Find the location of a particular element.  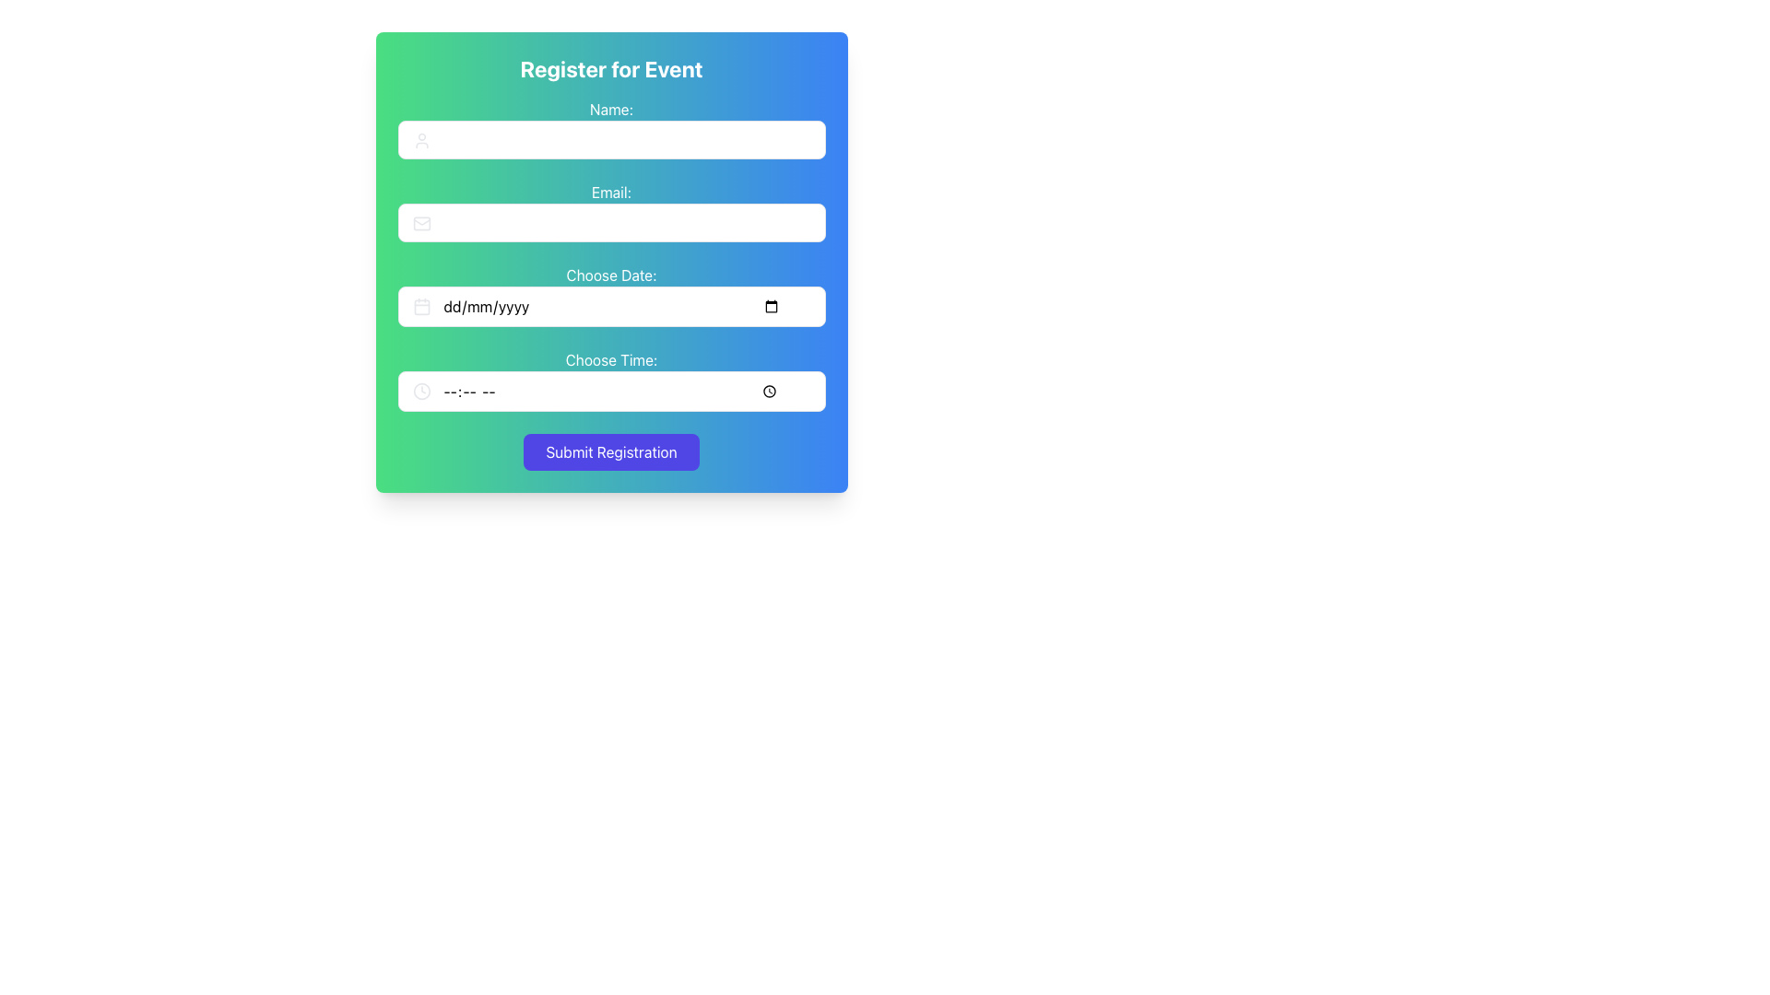

the 'Submit Registration' button, which is a rectangular button with rounded corners, vibrant indigo background, and white centered text, located at the bottom of the form is located at coordinates (611, 451).